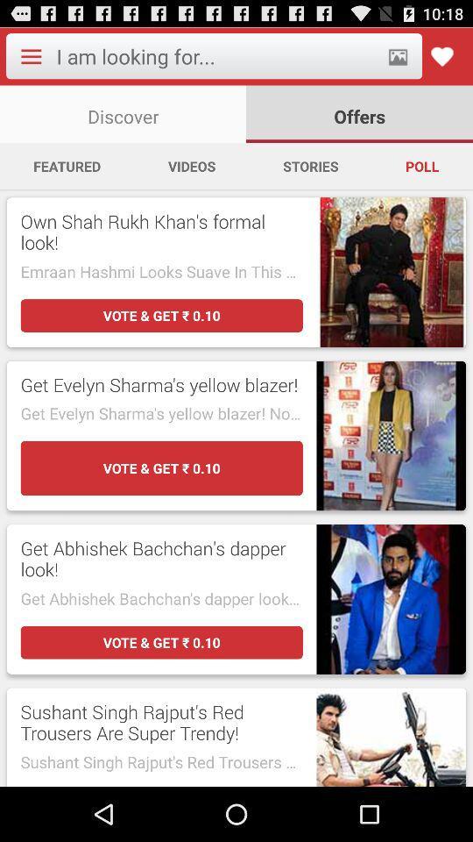 The width and height of the screenshot is (473, 842). What do you see at coordinates (31, 60) in the screenshot?
I see `the menu icon` at bounding box center [31, 60].